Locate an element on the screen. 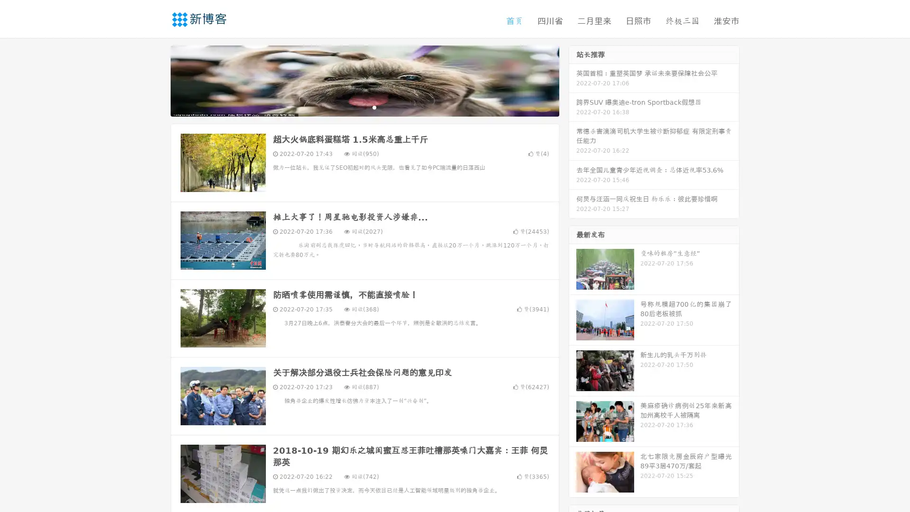 The width and height of the screenshot is (910, 512). Go to slide 1 is located at coordinates (355, 107).